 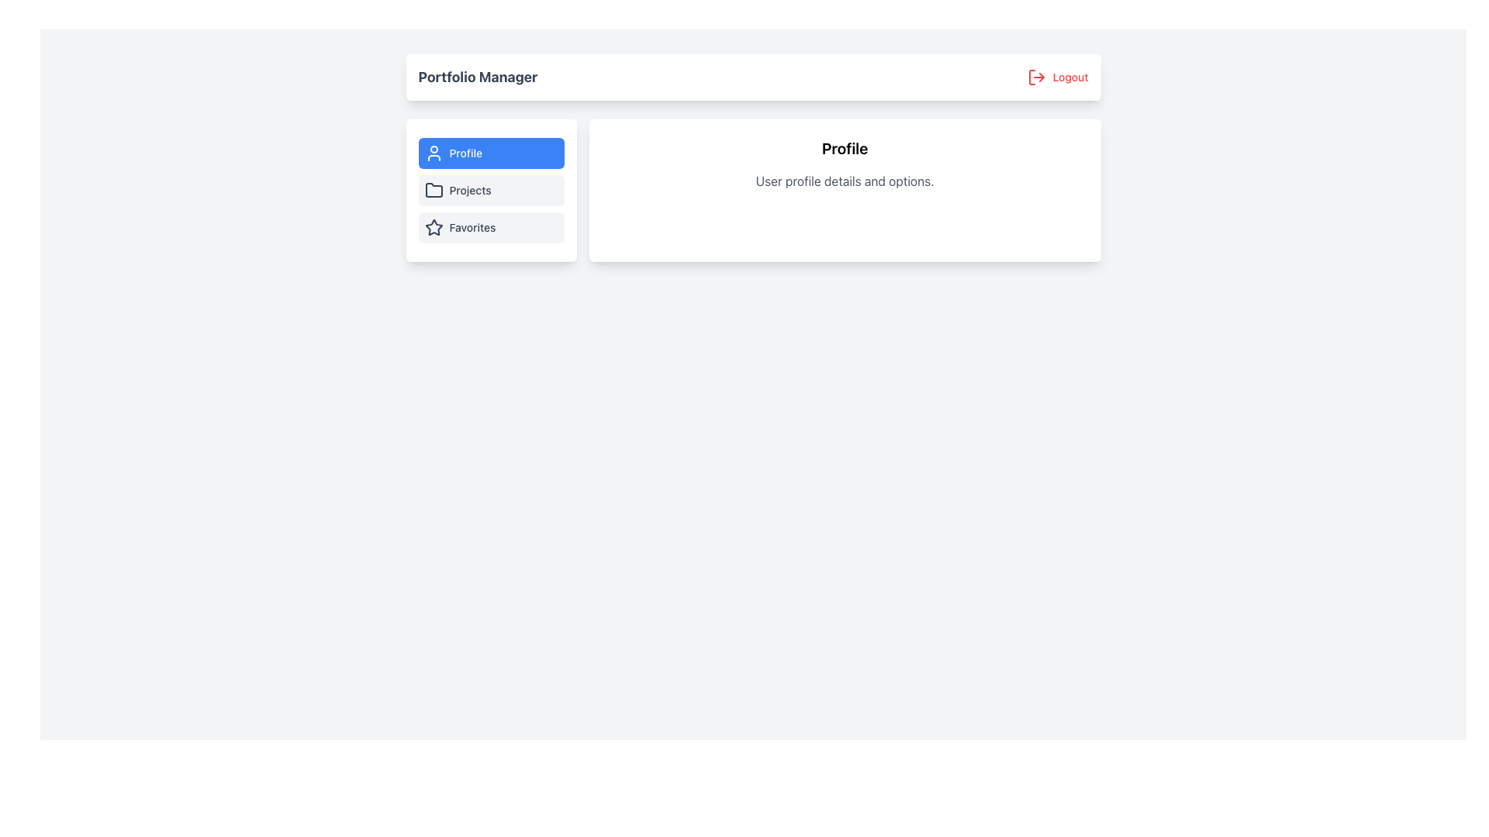 I want to click on the Information card that displays 'Profile' at the top center and provides user profile details and options, so click(x=844, y=190).